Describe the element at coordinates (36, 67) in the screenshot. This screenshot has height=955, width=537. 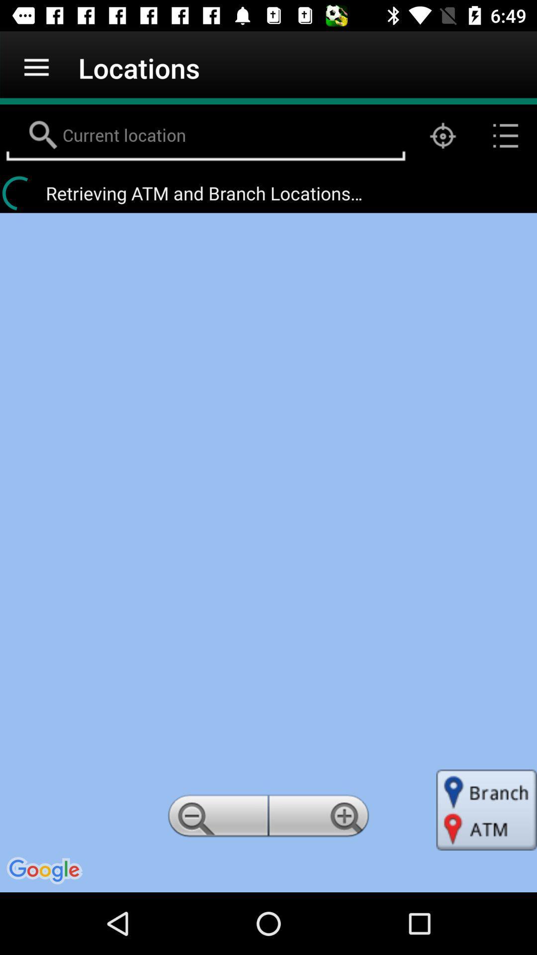
I see `the item next to the locations icon` at that location.